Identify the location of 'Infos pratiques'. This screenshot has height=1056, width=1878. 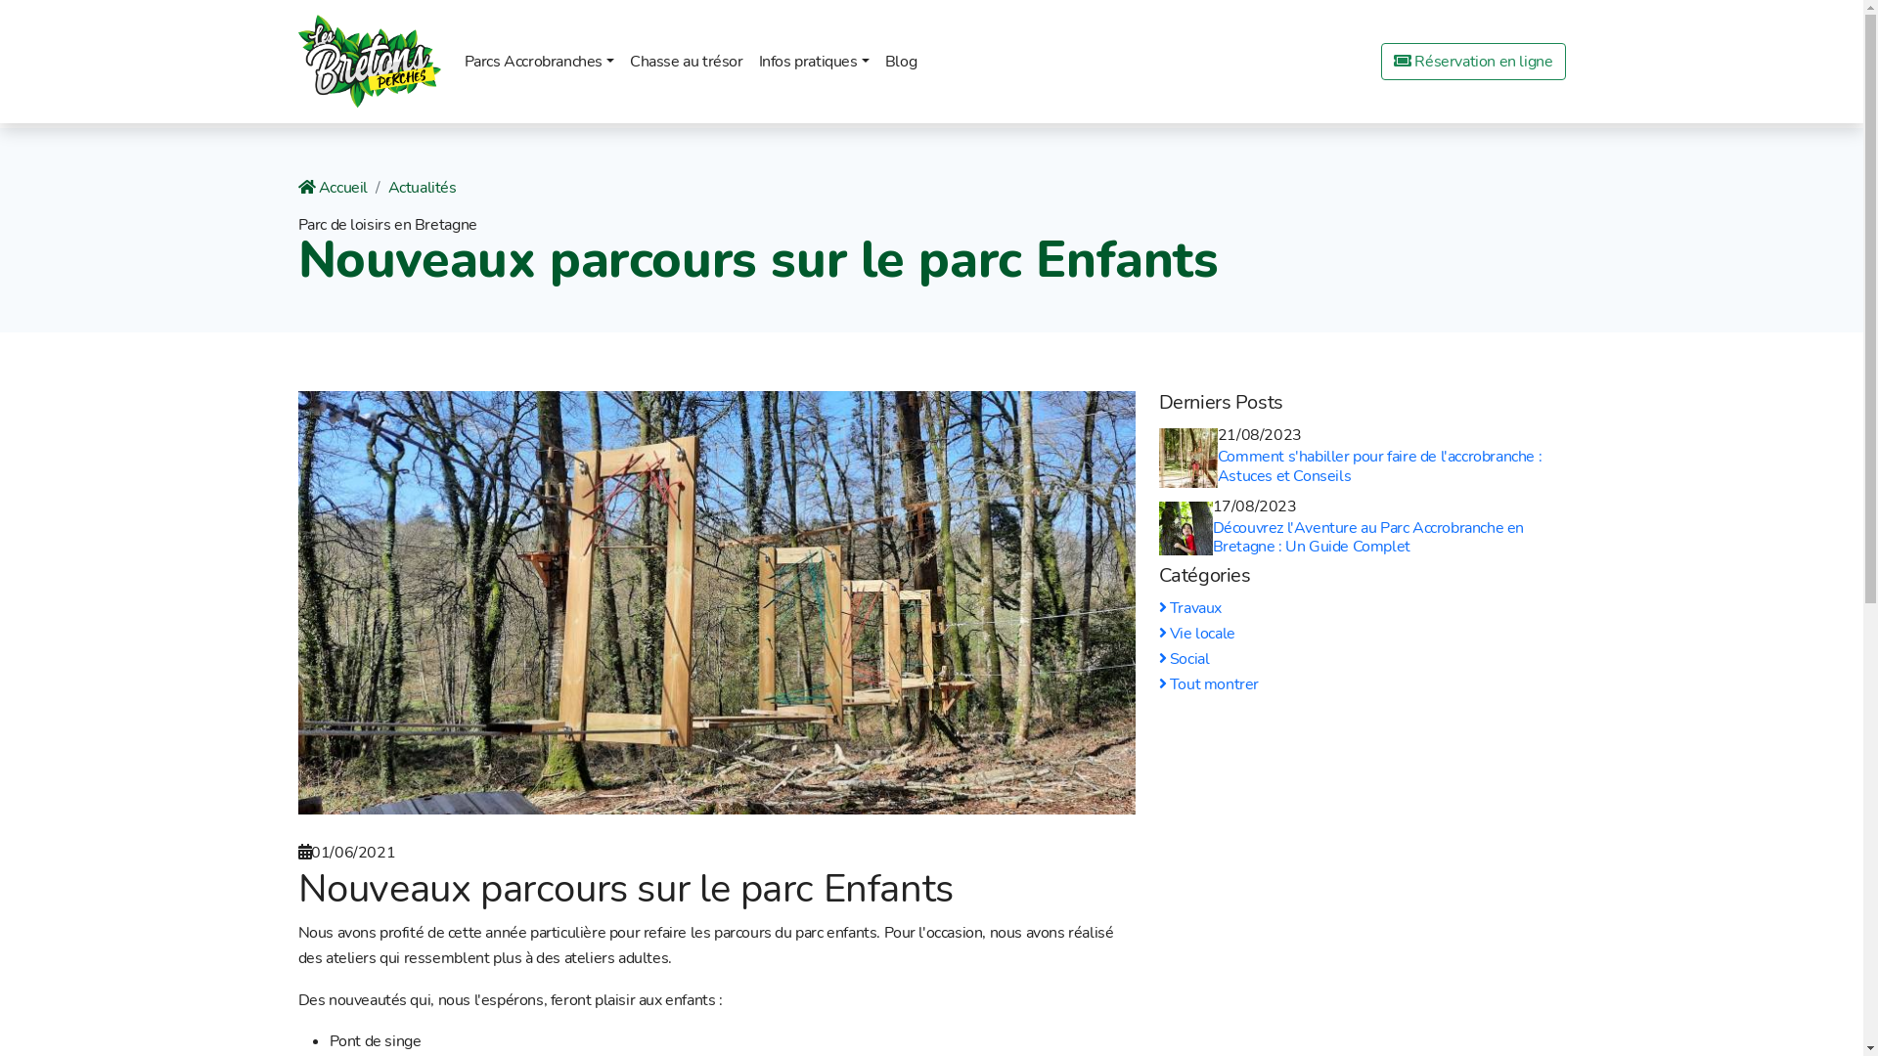
(814, 60).